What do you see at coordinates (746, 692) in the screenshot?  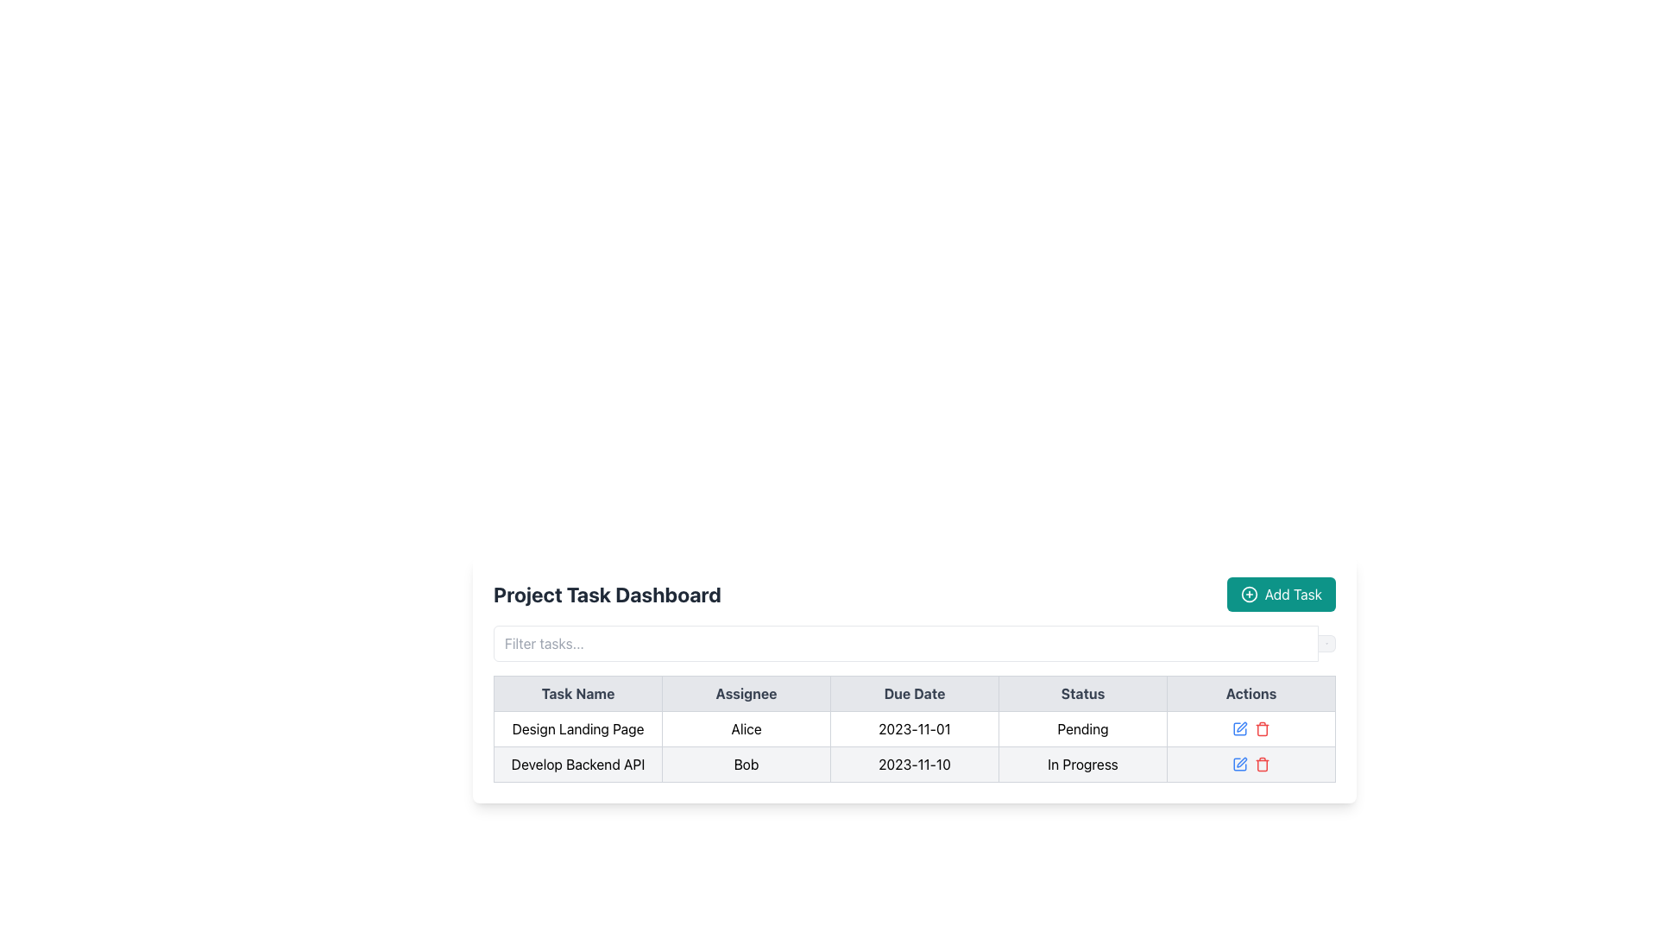 I see `the table header labeled 'Assignee', which is styled with a light gray background and center-aligned black bold text, located between 'Task Name' and 'Due Date'` at bounding box center [746, 692].